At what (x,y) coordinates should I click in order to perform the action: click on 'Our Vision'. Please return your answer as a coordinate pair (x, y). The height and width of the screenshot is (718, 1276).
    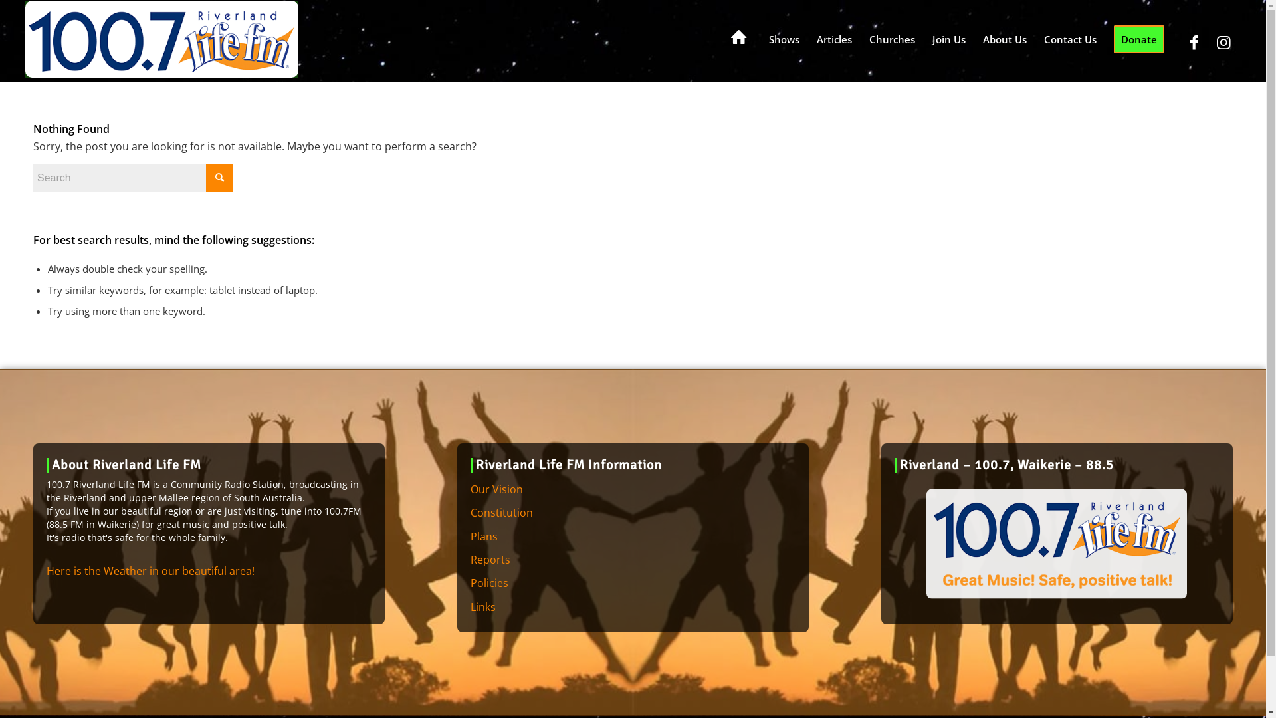
    Looking at the image, I should click on (632, 489).